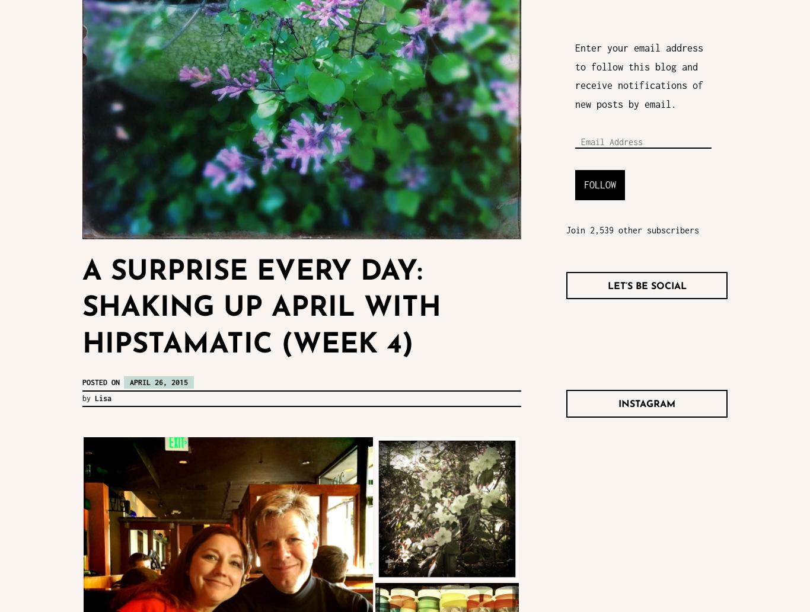 The image size is (810, 612). I want to click on 'Enter your email address to follow this blog and receive notifications of new posts by email.', so click(639, 75).